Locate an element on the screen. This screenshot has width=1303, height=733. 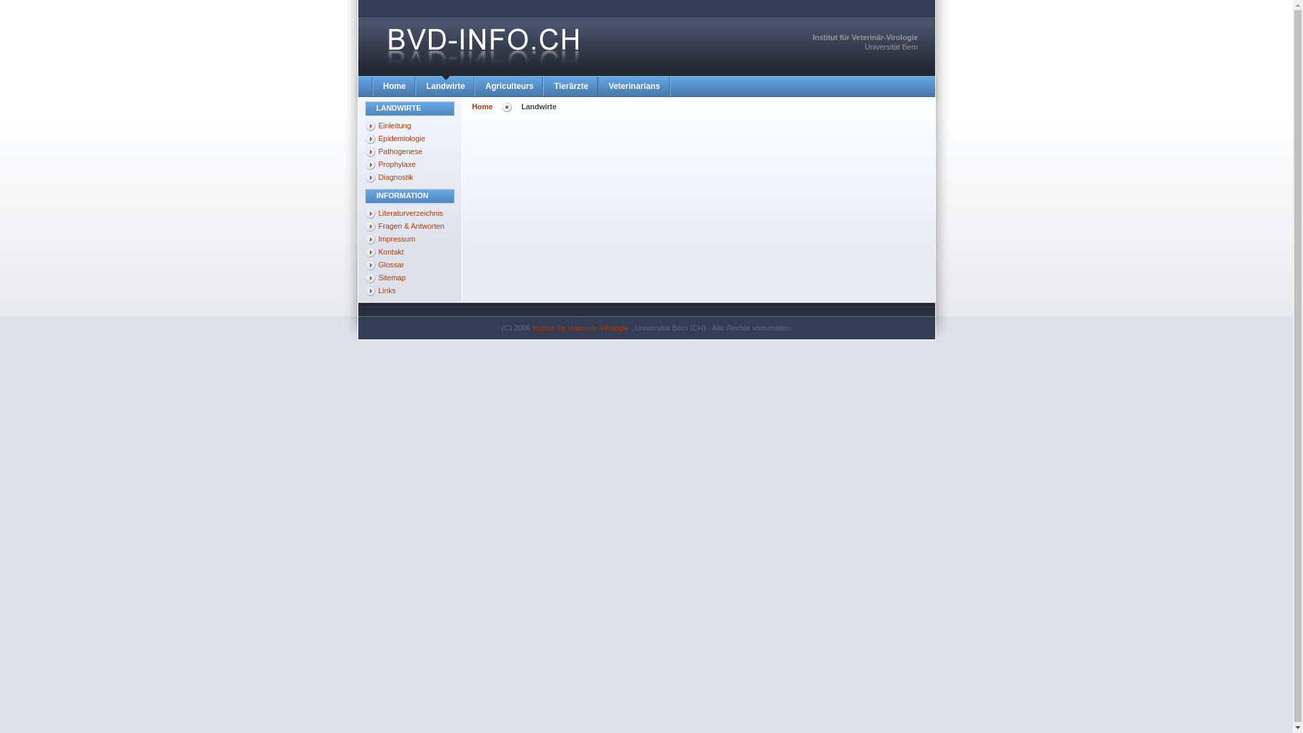
'LANDWIRTE' is located at coordinates (409, 107).